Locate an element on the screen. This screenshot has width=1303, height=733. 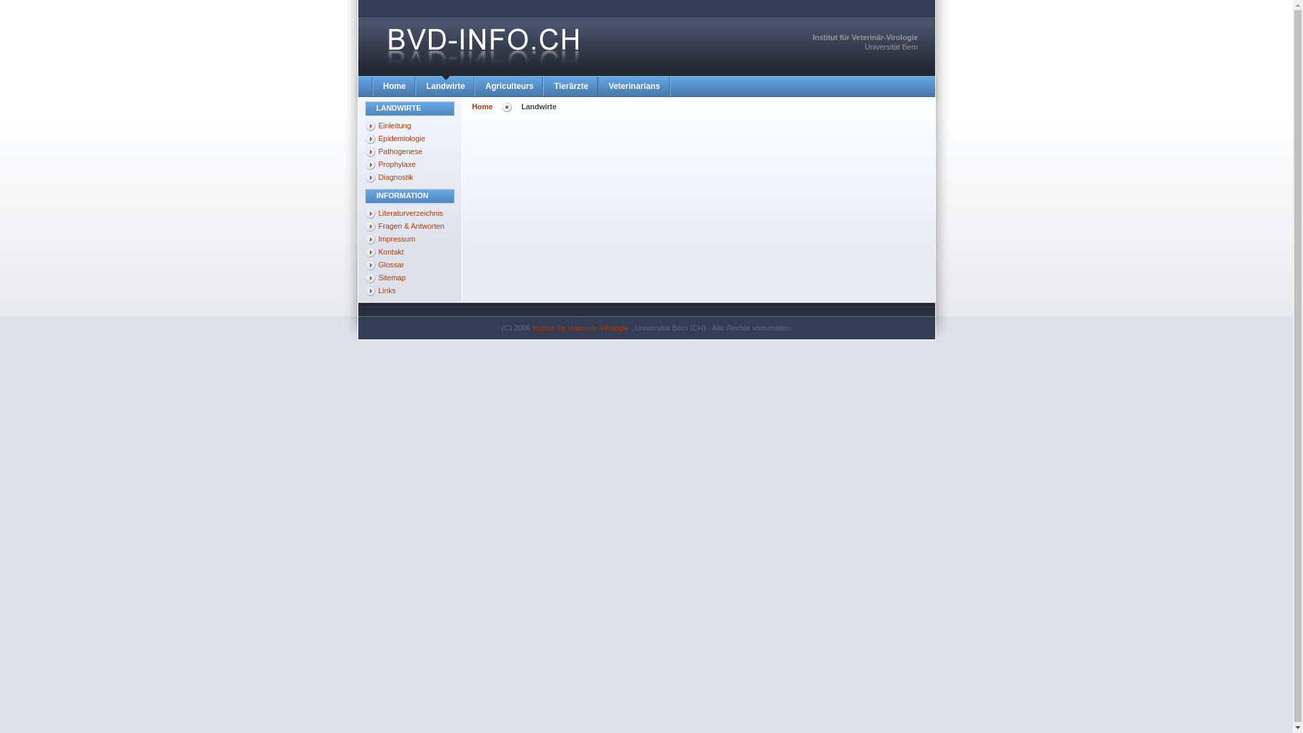
'LANDWIRTE' is located at coordinates (409, 107).